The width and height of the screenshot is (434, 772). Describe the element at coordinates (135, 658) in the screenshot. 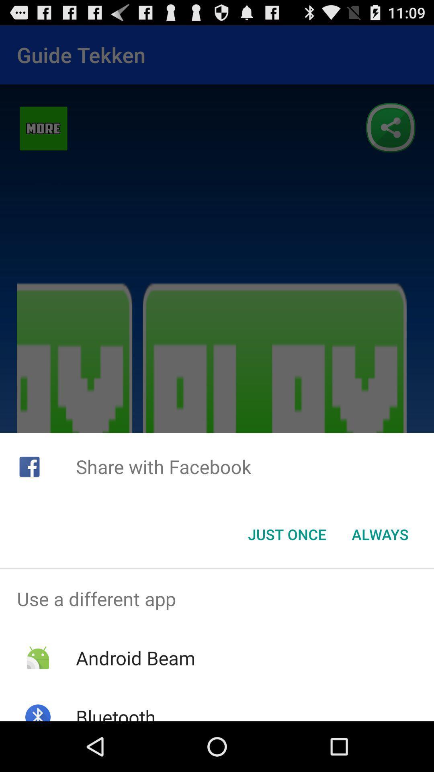

I see `the android beam item` at that location.